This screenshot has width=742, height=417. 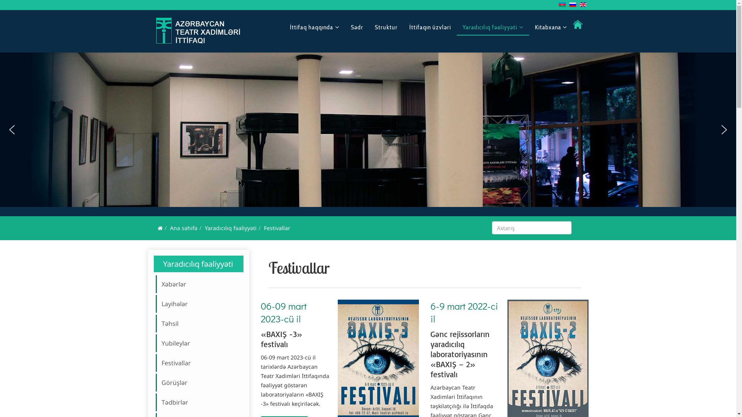 What do you see at coordinates (550, 27) in the screenshot?
I see `'Kitabxana'` at bounding box center [550, 27].